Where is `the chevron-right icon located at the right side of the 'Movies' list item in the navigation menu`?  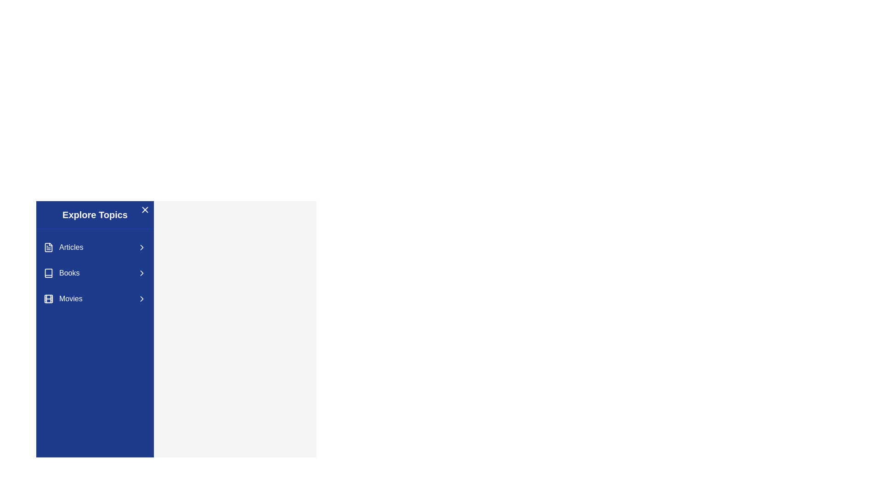
the chevron-right icon located at the right side of the 'Movies' list item in the navigation menu is located at coordinates (141, 299).